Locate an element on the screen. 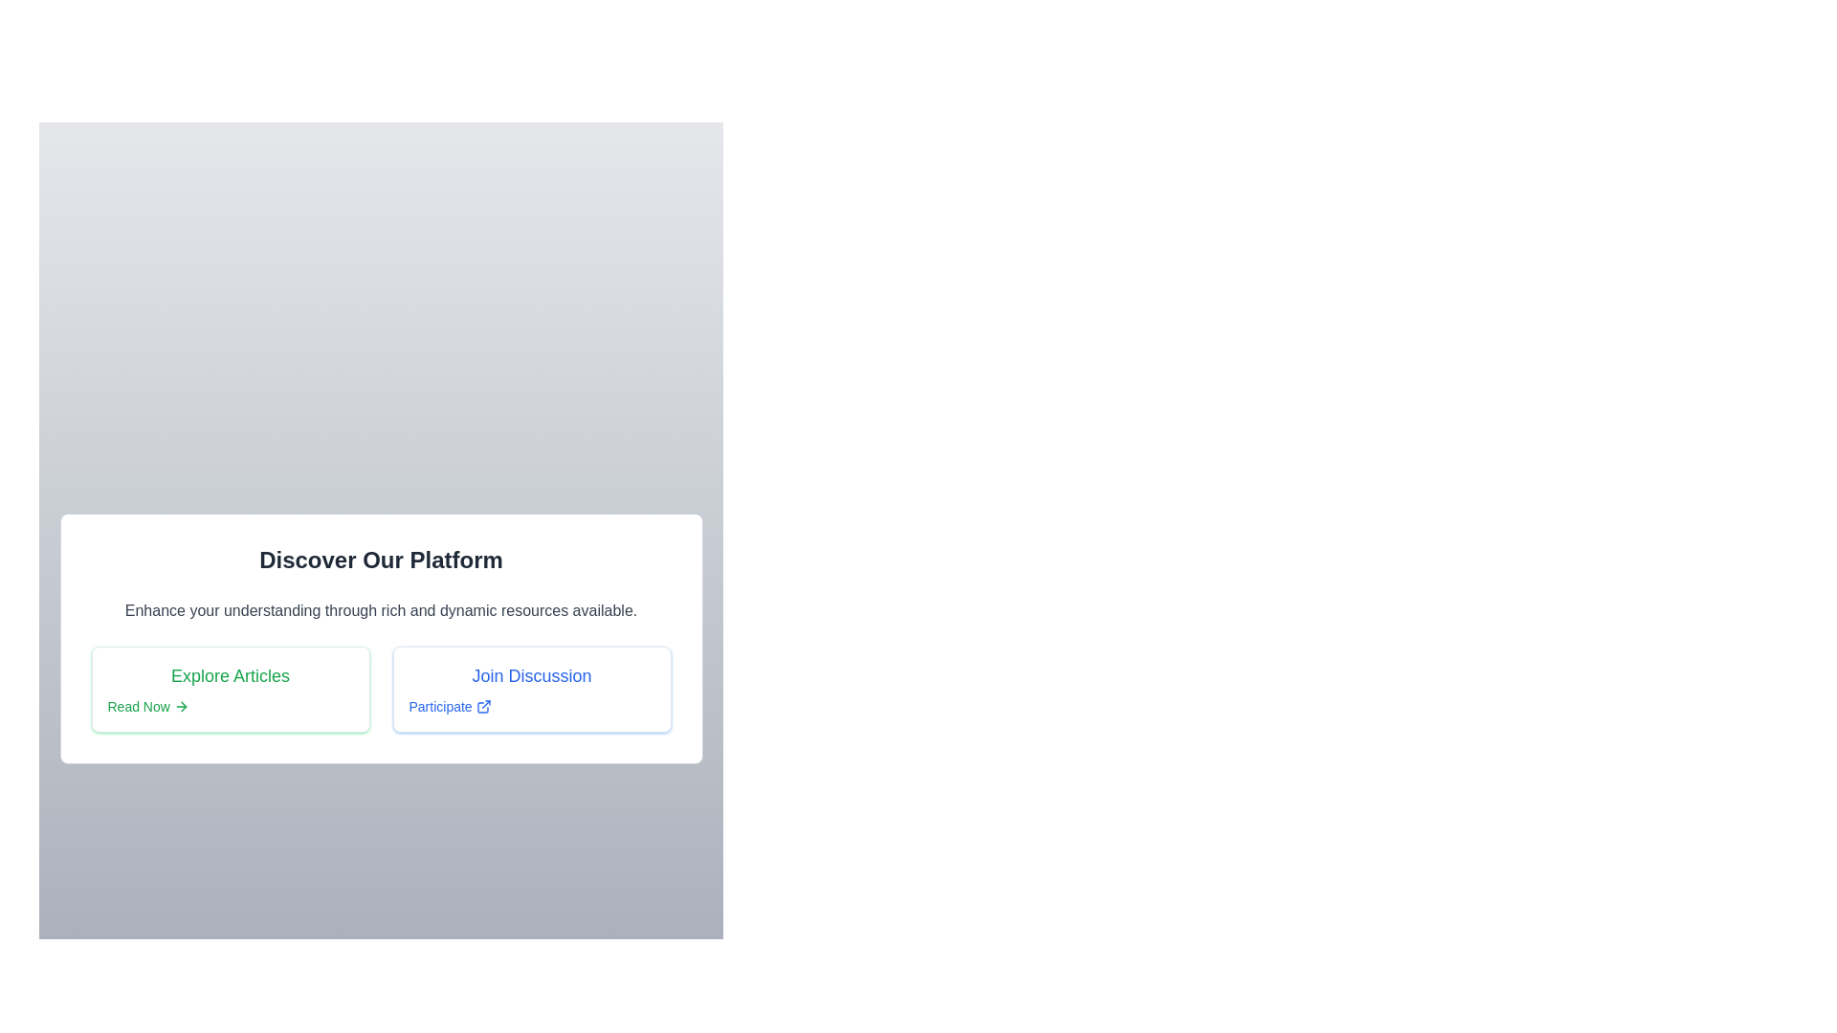 Image resolution: width=1837 pixels, height=1033 pixels. the 'Read Now' link located in the first section of the two-column grid layout beneath the main heading 'Discover Our Platform' is located at coordinates (230, 690).